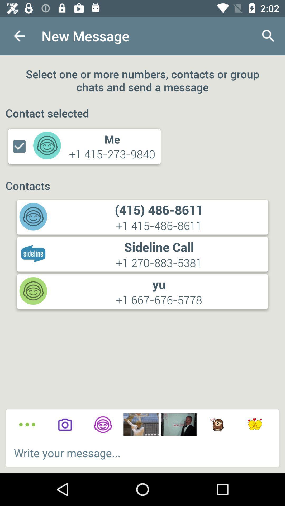  Describe the element at coordinates (142, 453) in the screenshot. I see `write text` at that location.